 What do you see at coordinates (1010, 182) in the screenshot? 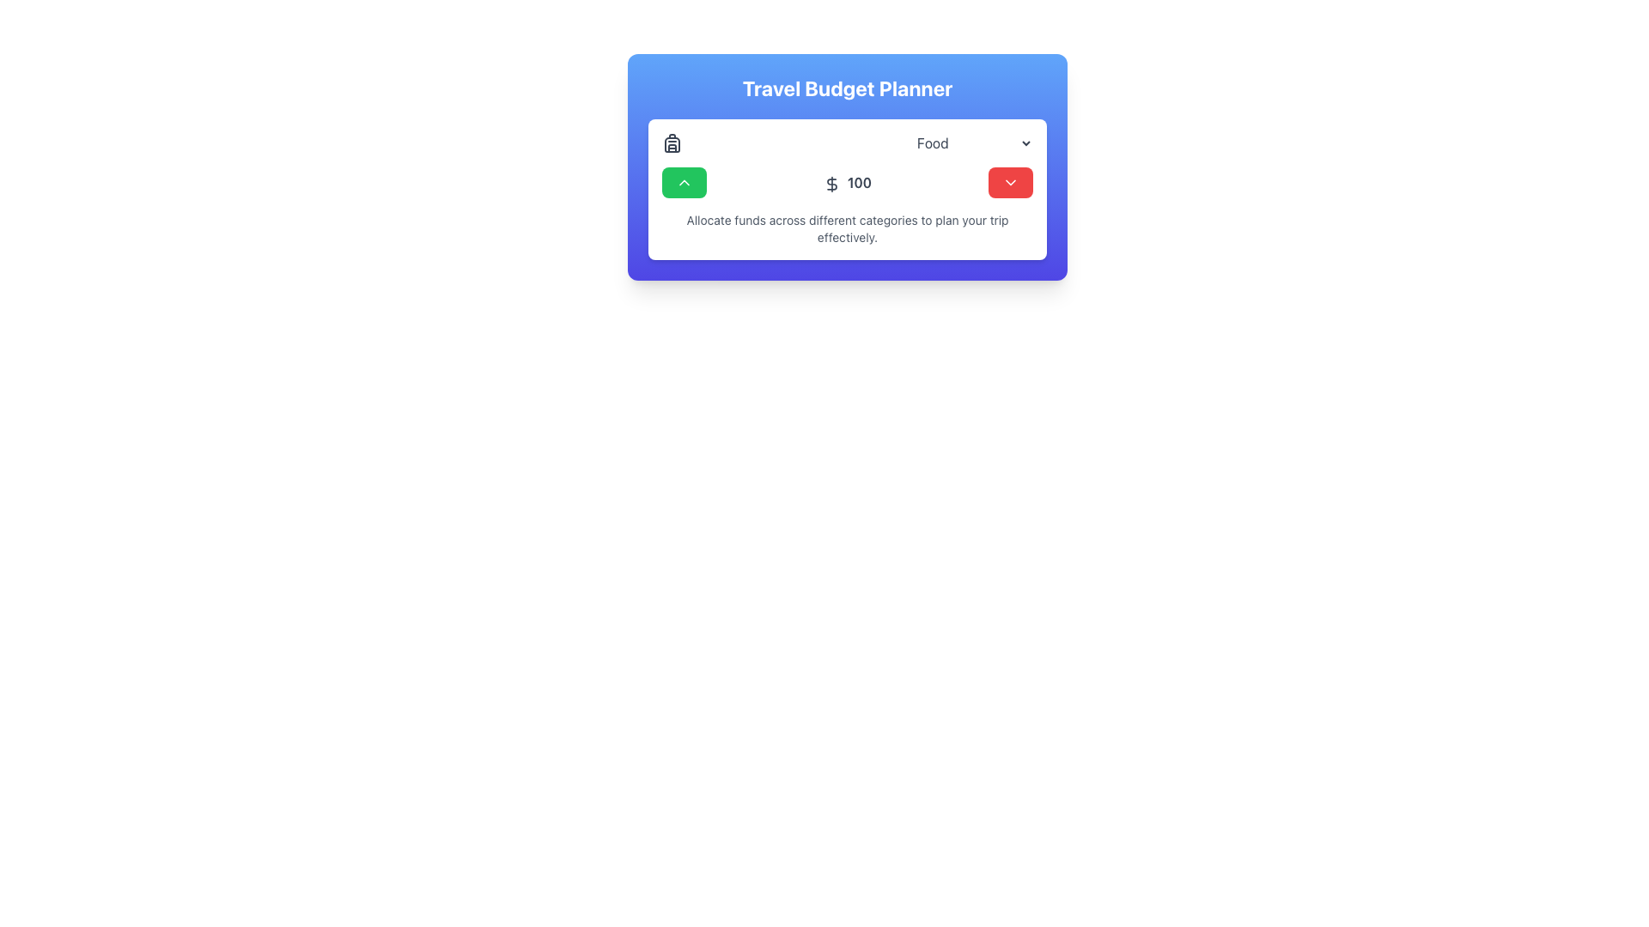
I see `the downward-pointing chevron icon on the red background located at the far right of the interface to interact with the dropdown` at bounding box center [1010, 182].